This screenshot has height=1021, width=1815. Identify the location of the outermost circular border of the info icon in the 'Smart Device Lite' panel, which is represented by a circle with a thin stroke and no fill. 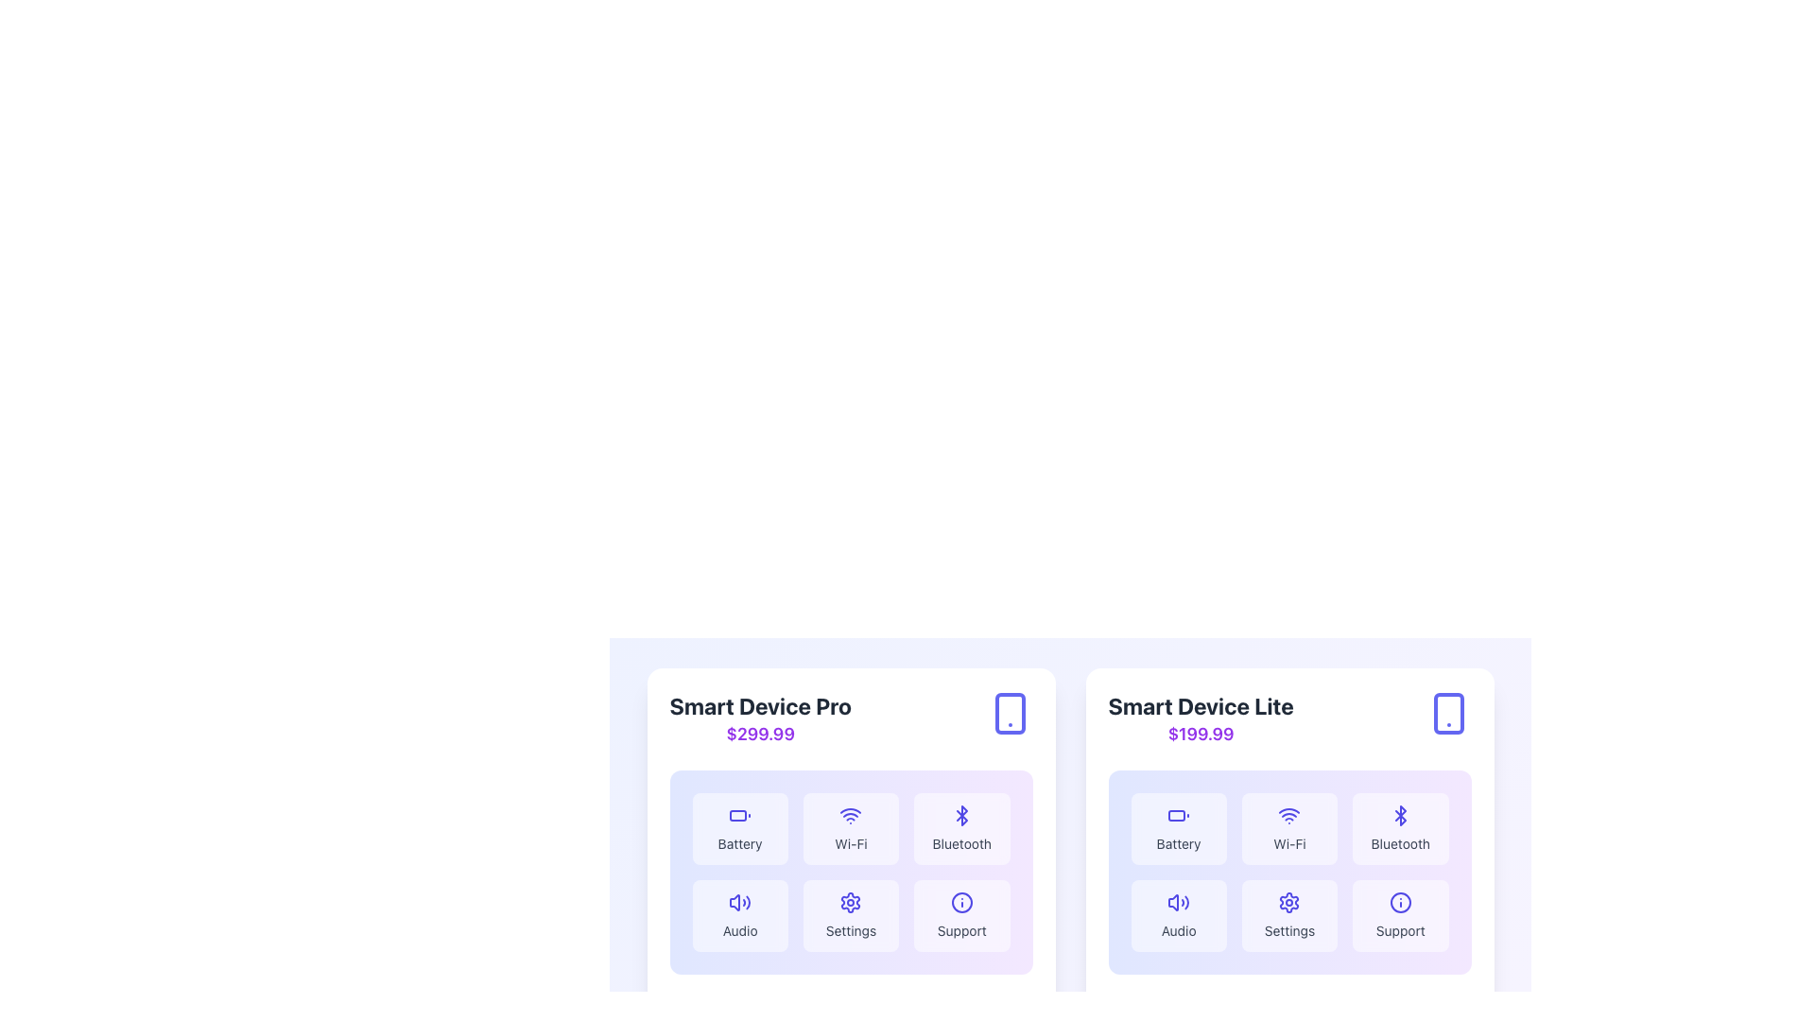
(1400, 902).